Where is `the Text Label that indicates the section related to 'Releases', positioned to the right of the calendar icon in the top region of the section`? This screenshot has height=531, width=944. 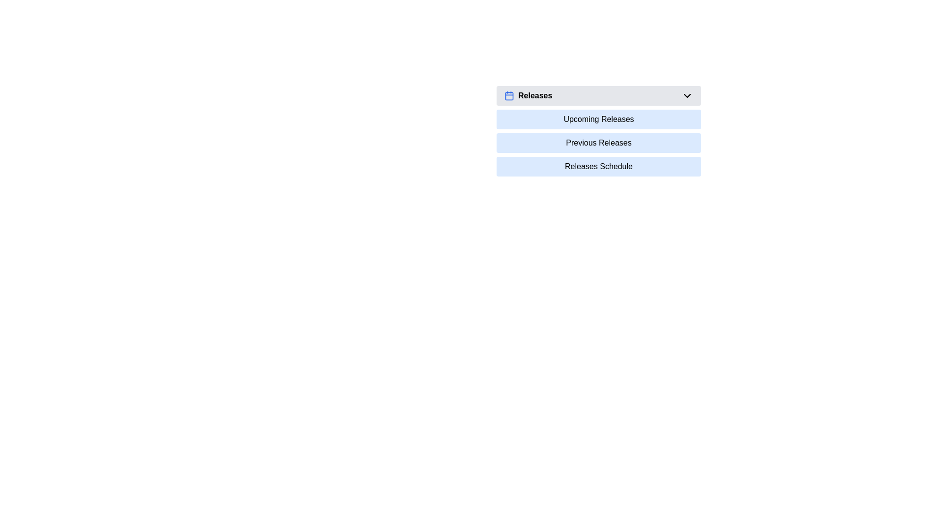
the Text Label that indicates the section related to 'Releases', positioned to the right of the calendar icon in the top region of the section is located at coordinates (534, 96).